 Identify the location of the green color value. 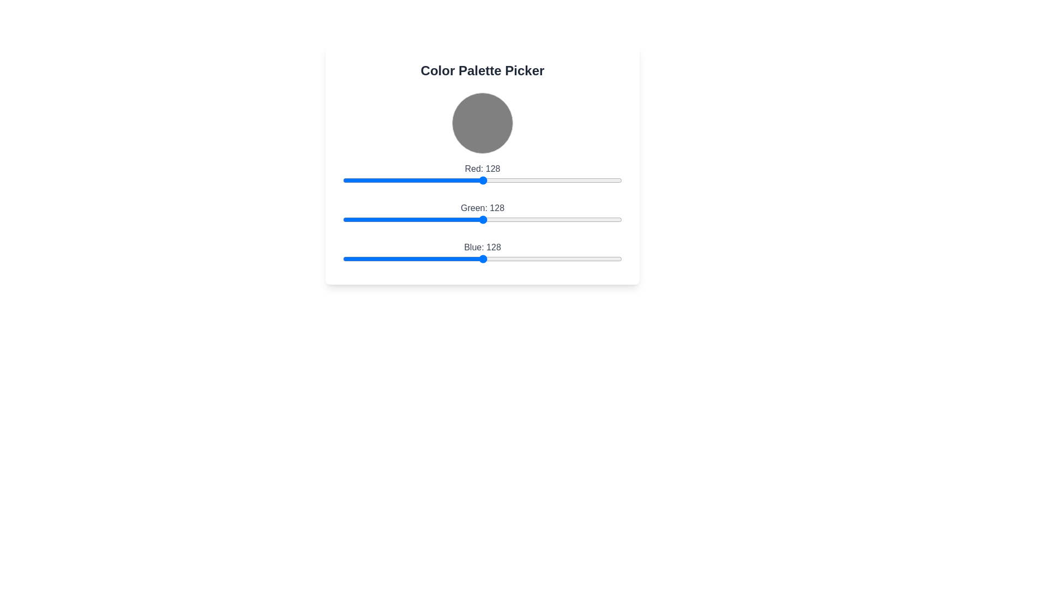
(421, 219).